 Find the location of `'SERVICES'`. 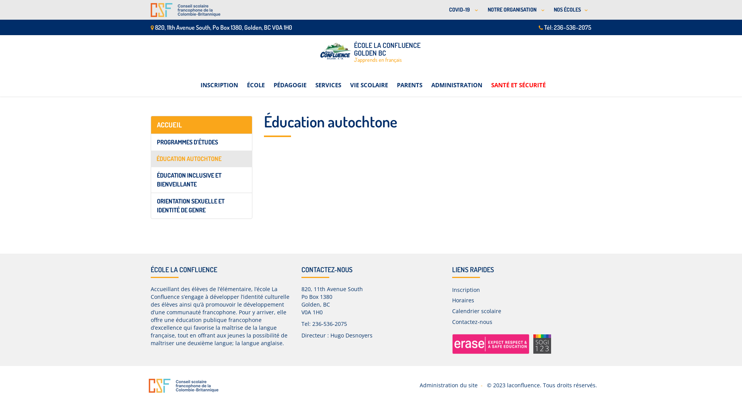

'SERVICES' is located at coordinates (328, 80).